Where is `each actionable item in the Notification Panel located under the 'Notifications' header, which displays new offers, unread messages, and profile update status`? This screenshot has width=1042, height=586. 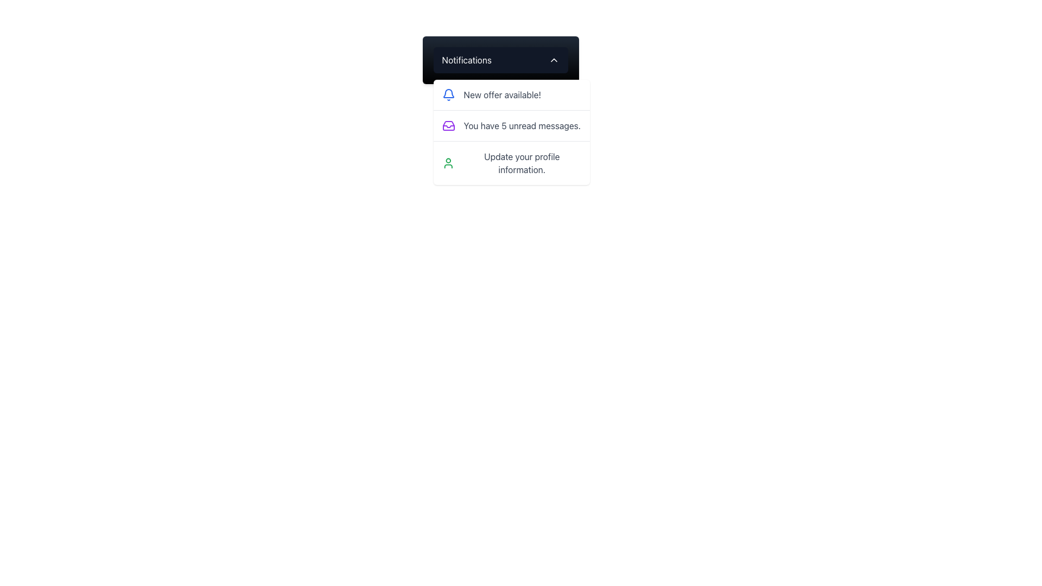
each actionable item in the Notification Panel located under the 'Notifications' header, which displays new offers, unread messages, and profile update status is located at coordinates (511, 131).